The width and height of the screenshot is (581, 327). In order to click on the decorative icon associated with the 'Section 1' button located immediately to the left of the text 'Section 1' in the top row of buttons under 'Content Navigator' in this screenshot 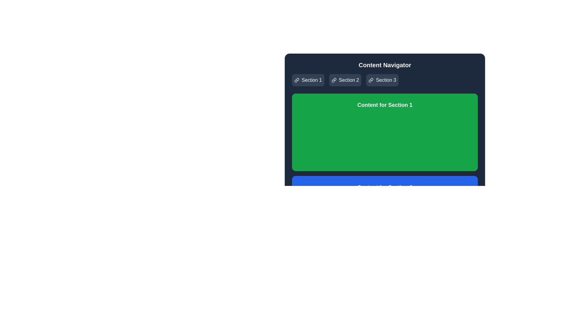, I will do `click(297, 80)`.